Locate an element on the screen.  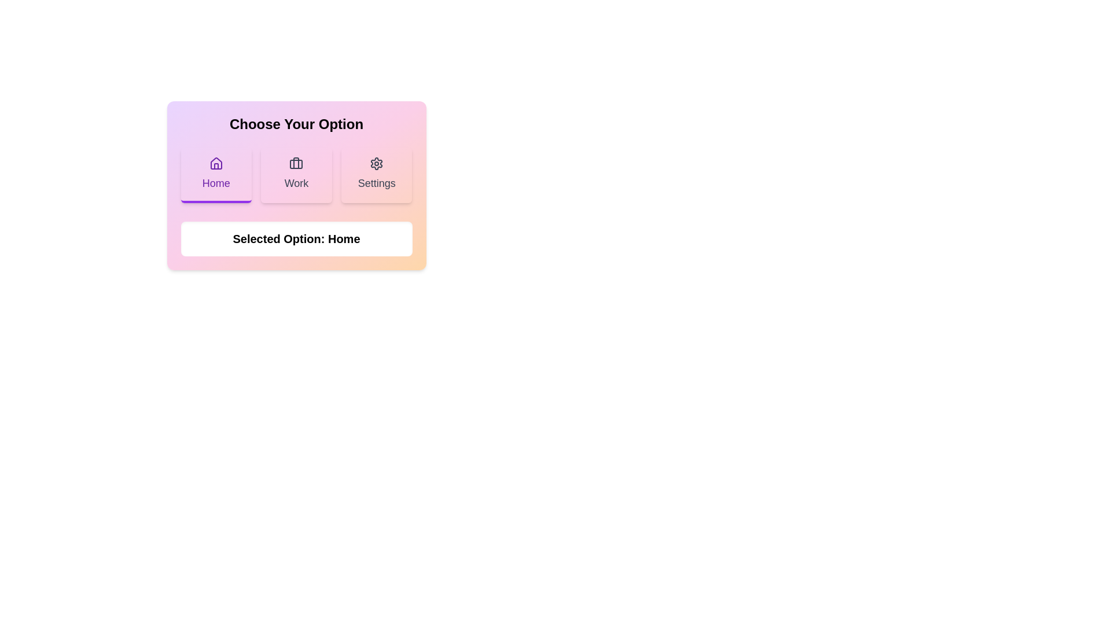
'Home' text label displayed in bold purple font, located within the first card of a row containing three options is located at coordinates (216, 182).